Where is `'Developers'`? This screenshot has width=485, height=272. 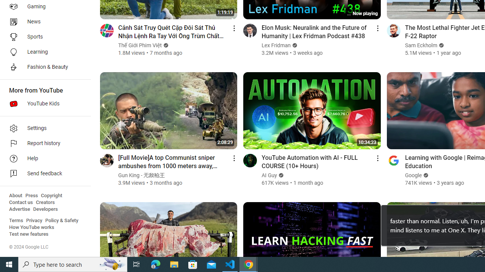
'Developers' is located at coordinates (45, 209).